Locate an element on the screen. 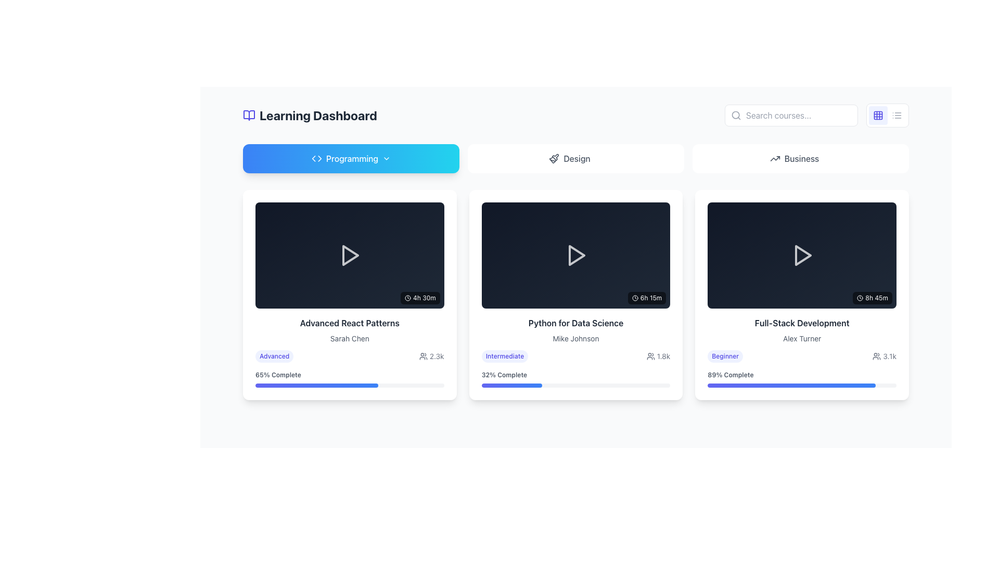 This screenshot has height=562, width=999. the user count icon displaying '1.8k' in the bottom-right corner of the 'Python for Data Science' course card is located at coordinates (650, 356).